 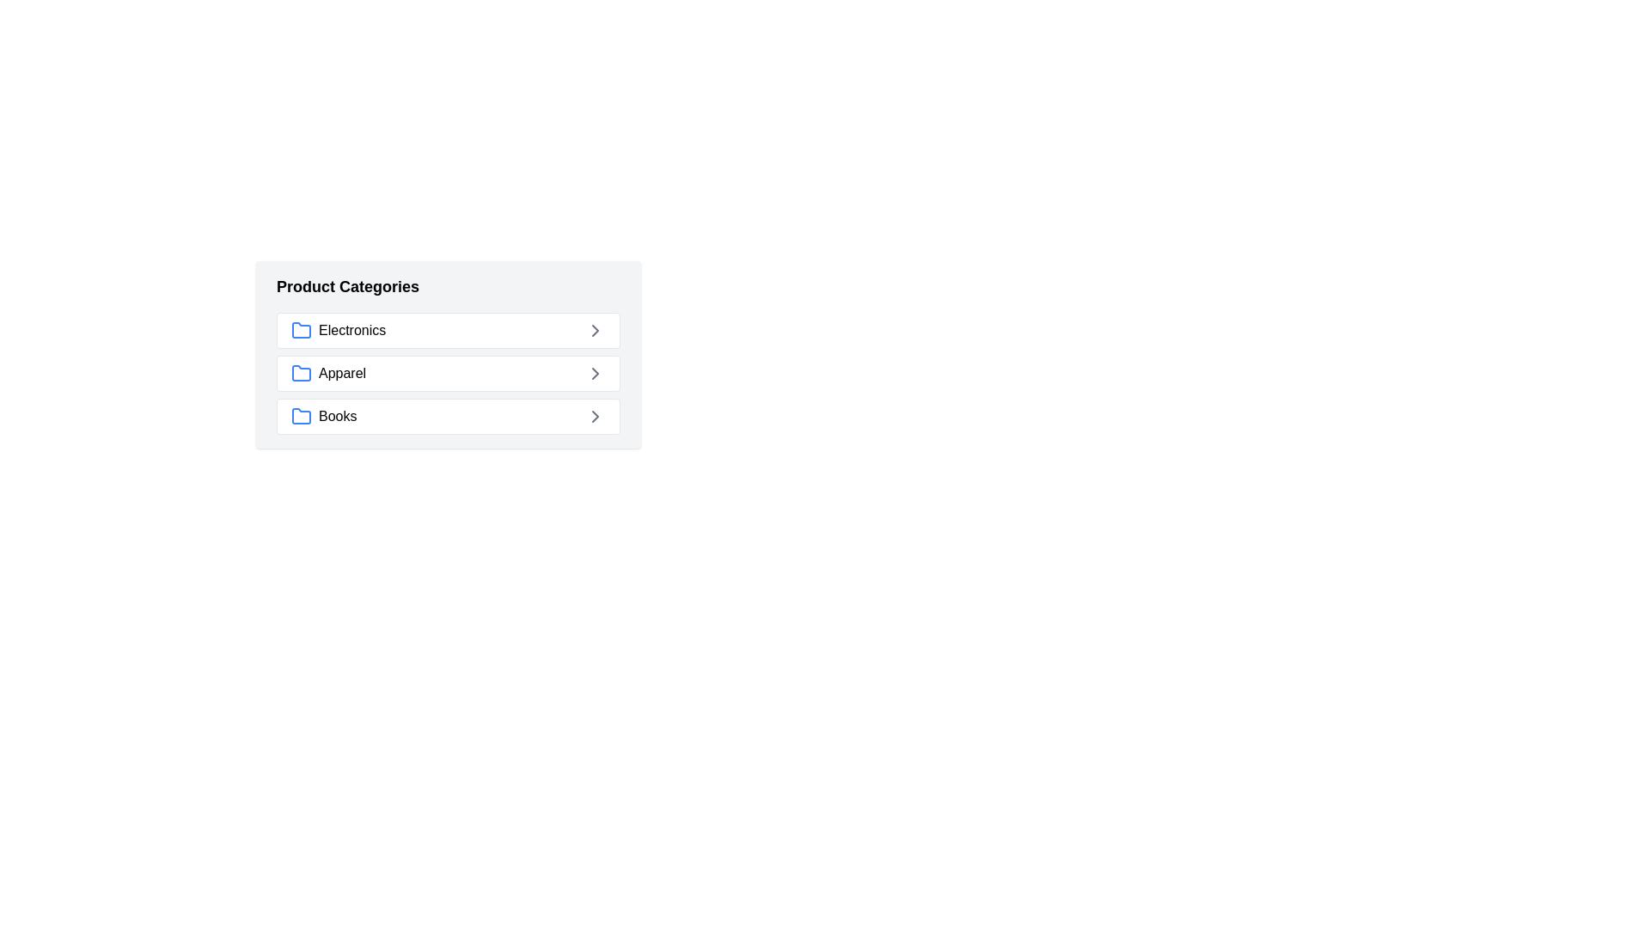 I want to click on the 'Books' category label in the product categorization list, which is the third item after 'Electronics' and 'Apparel', so click(x=338, y=417).